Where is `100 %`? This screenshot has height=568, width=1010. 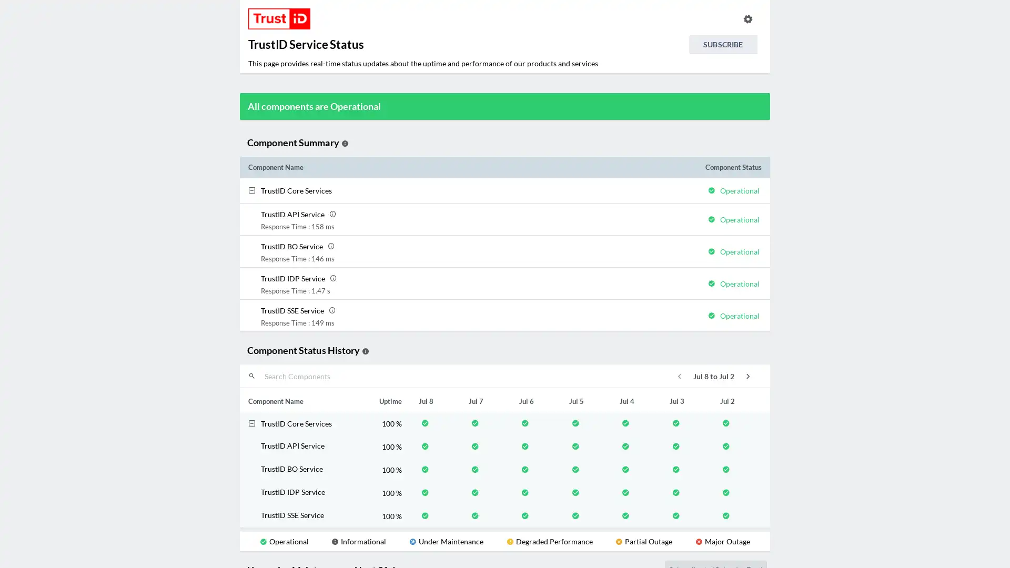
100 % is located at coordinates (391, 446).